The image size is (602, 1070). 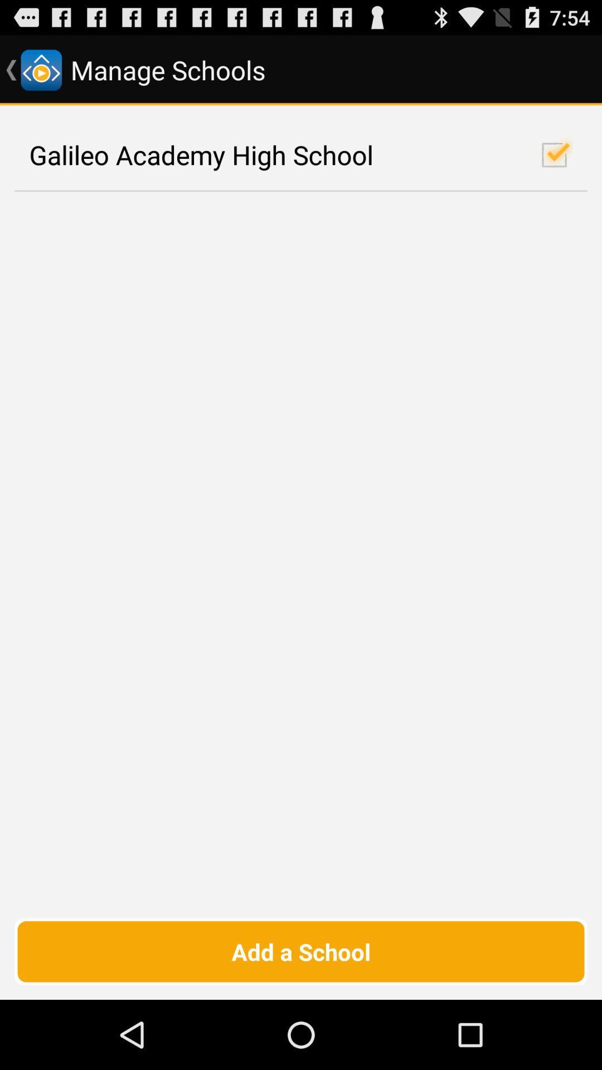 I want to click on the add a school item, so click(x=301, y=951).